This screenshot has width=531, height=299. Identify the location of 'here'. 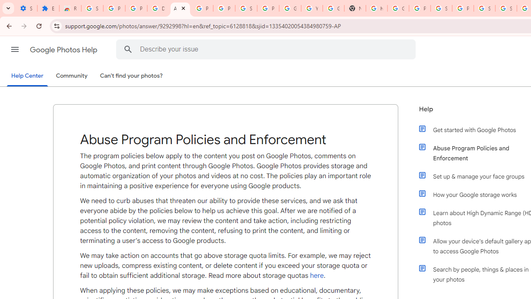
(317, 275).